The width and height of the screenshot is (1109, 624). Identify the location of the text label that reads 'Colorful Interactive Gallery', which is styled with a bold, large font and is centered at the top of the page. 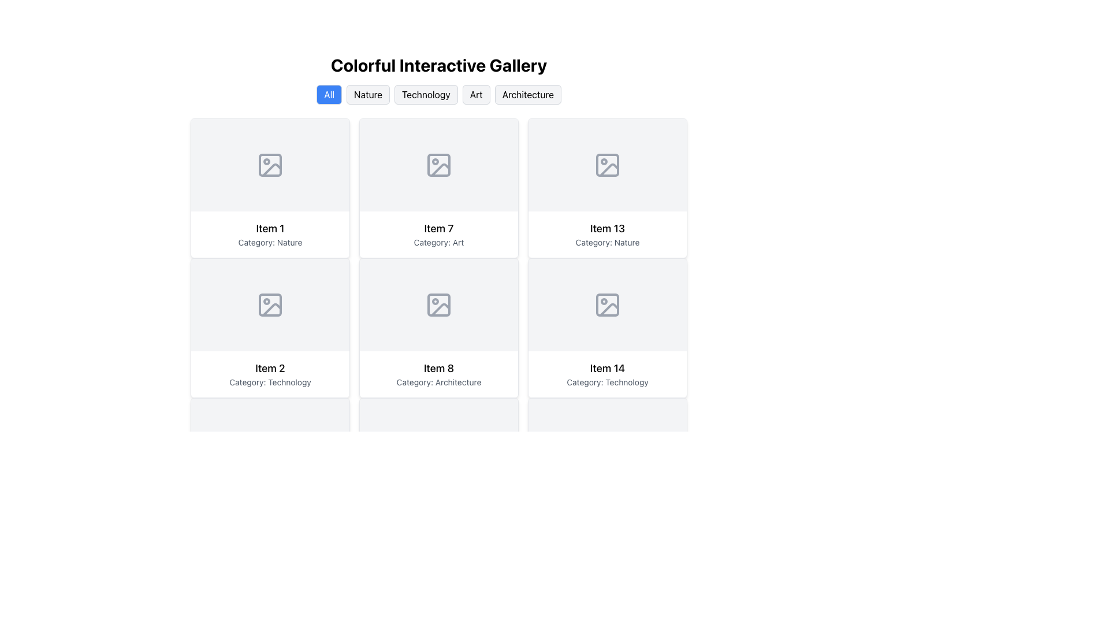
(438, 65).